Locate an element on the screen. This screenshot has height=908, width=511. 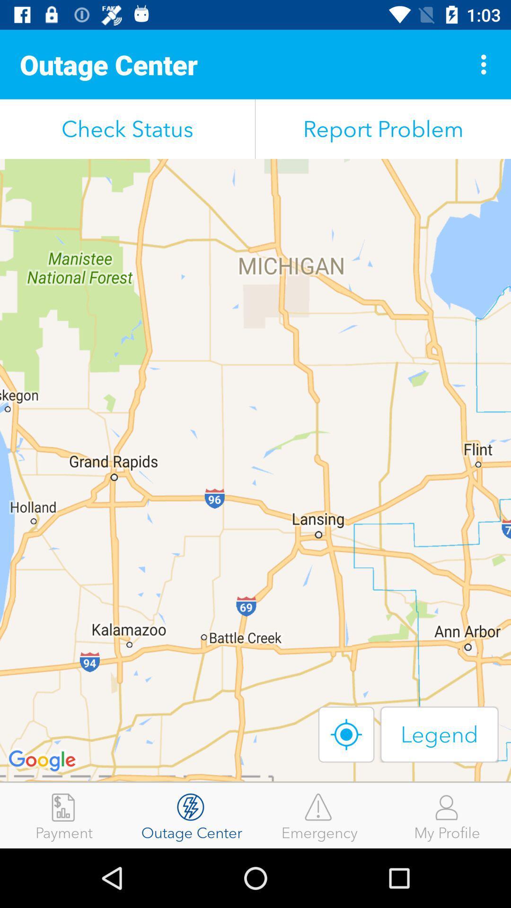
legend item is located at coordinates (439, 734).